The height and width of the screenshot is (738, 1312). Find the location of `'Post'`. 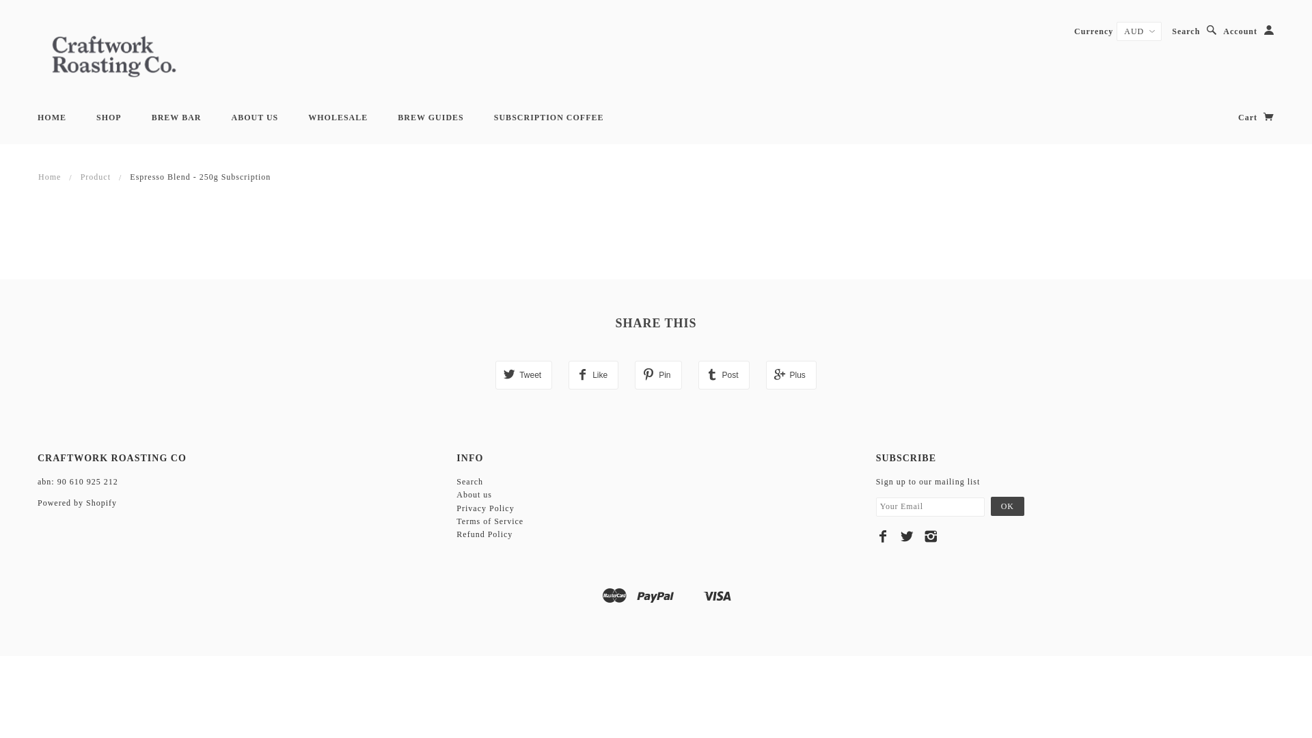

'Post' is located at coordinates (698, 374).